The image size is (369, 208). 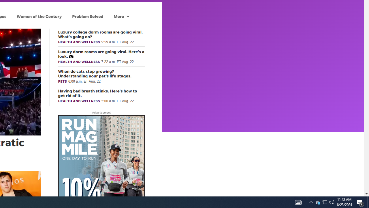 What do you see at coordinates (121, 16) in the screenshot?
I see `'More life navigation'` at bounding box center [121, 16].